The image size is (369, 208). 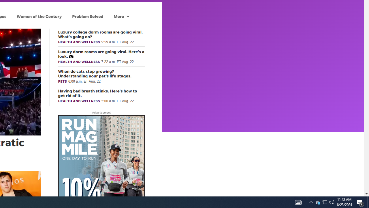 What do you see at coordinates (121, 16) in the screenshot?
I see `'More life navigation'` at bounding box center [121, 16].